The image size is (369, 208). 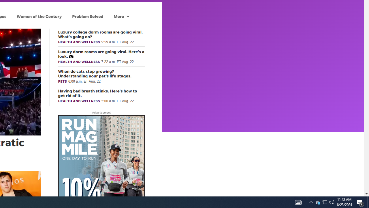 What do you see at coordinates (121, 16) in the screenshot?
I see `'More life navigation'` at bounding box center [121, 16].